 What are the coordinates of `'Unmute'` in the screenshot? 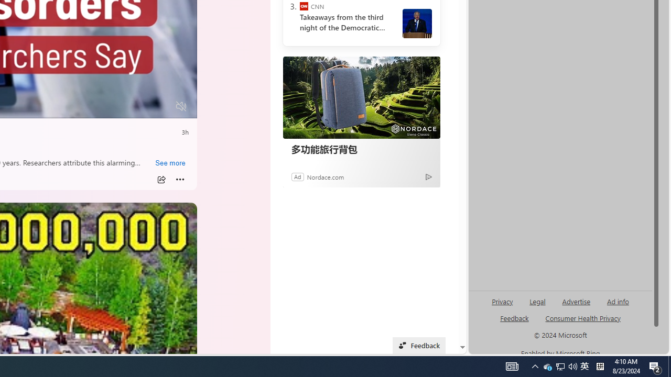 It's located at (181, 106).